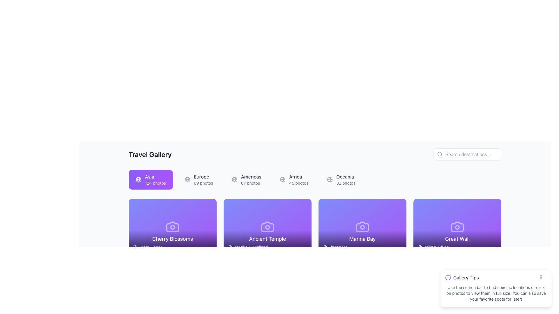  What do you see at coordinates (397, 208) in the screenshot?
I see `the maximize button located in the top-right corner of the 'Marina Bay' card` at bounding box center [397, 208].